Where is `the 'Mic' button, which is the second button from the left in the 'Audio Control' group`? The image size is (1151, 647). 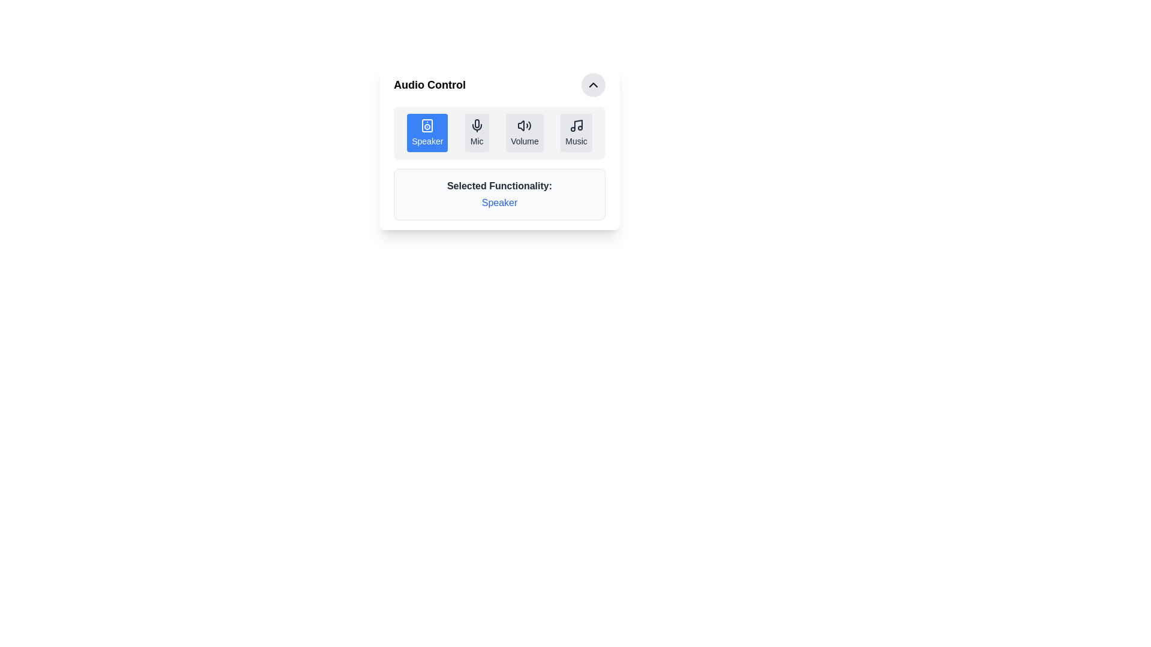
the 'Mic' button, which is the second button from the left in the 'Audio Control' group is located at coordinates (476, 133).